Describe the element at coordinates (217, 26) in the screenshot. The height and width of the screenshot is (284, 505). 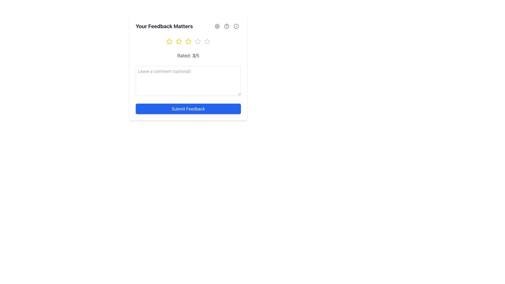
I see `the circular gear-shaped icon in gray located to the right of the 'Your Feedback Matters' title` at that location.